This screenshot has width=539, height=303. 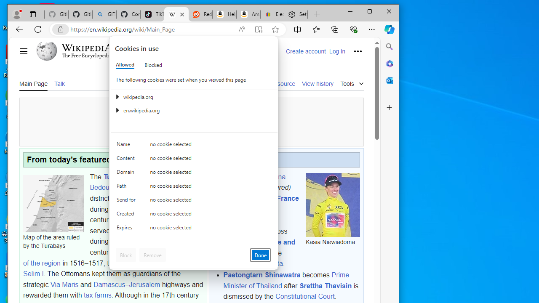 What do you see at coordinates (127, 146) in the screenshot?
I see `'Name'` at bounding box center [127, 146].